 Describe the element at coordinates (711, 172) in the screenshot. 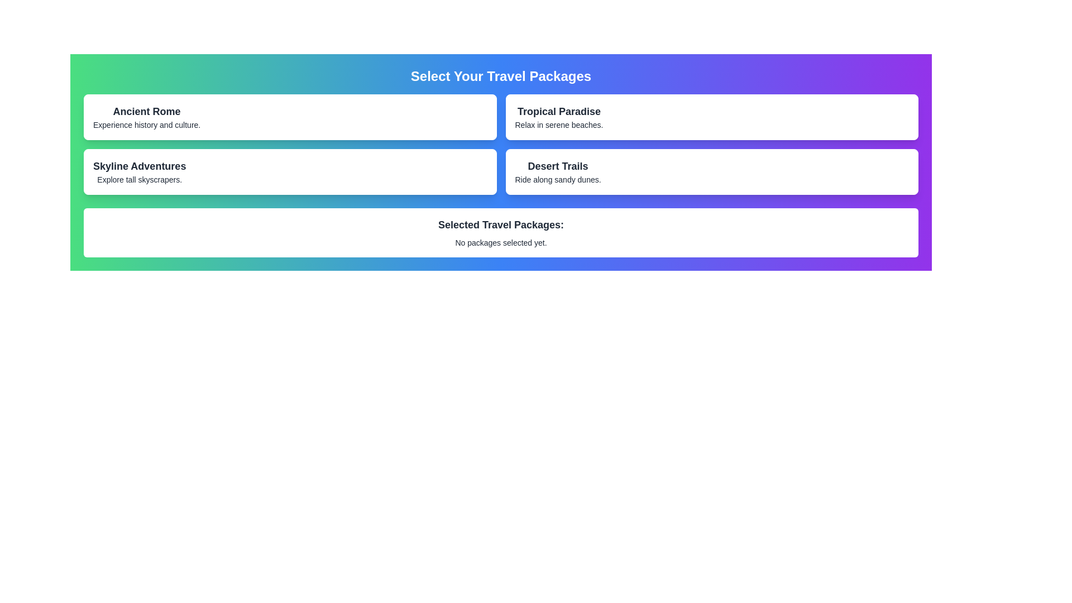

I see `the 'Desert Trails' travel package selection button located in the second row and second column of the grid layout` at that location.